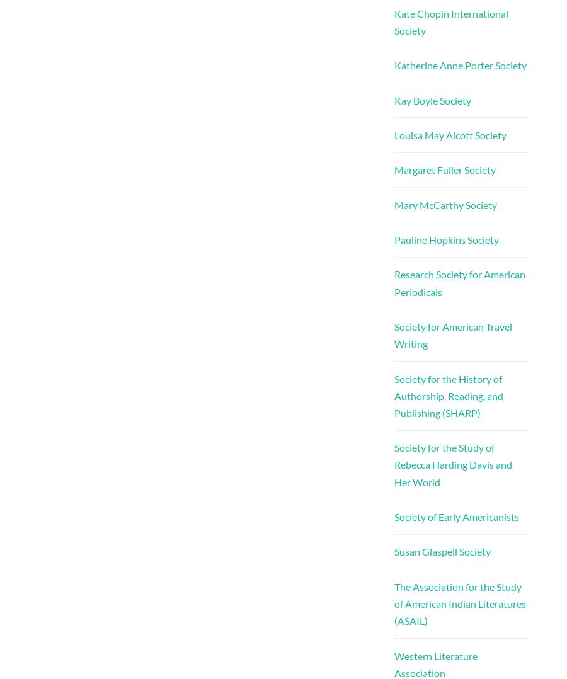 Image resolution: width=567 pixels, height=679 pixels. Describe the element at coordinates (393, 603) in the screenshot. I see `'The Association for the Study of American Indian Literatures (ASAIL)'` at that location.